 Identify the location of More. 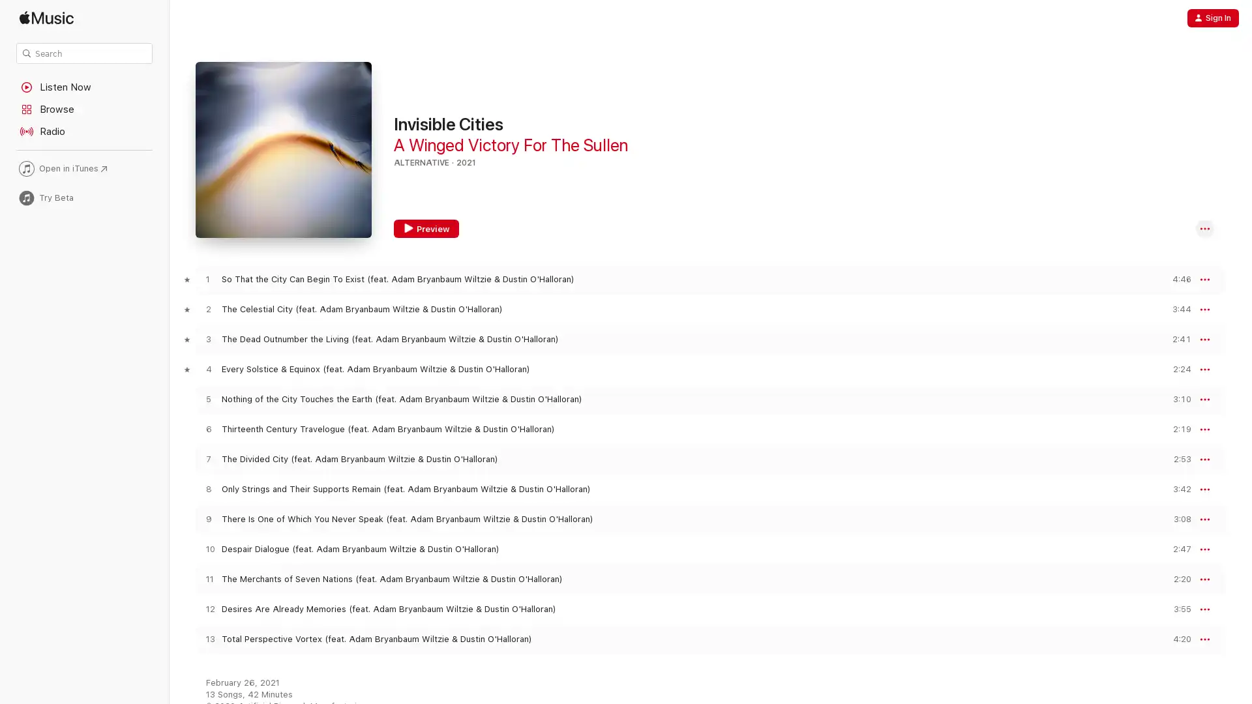
(1204, 550).